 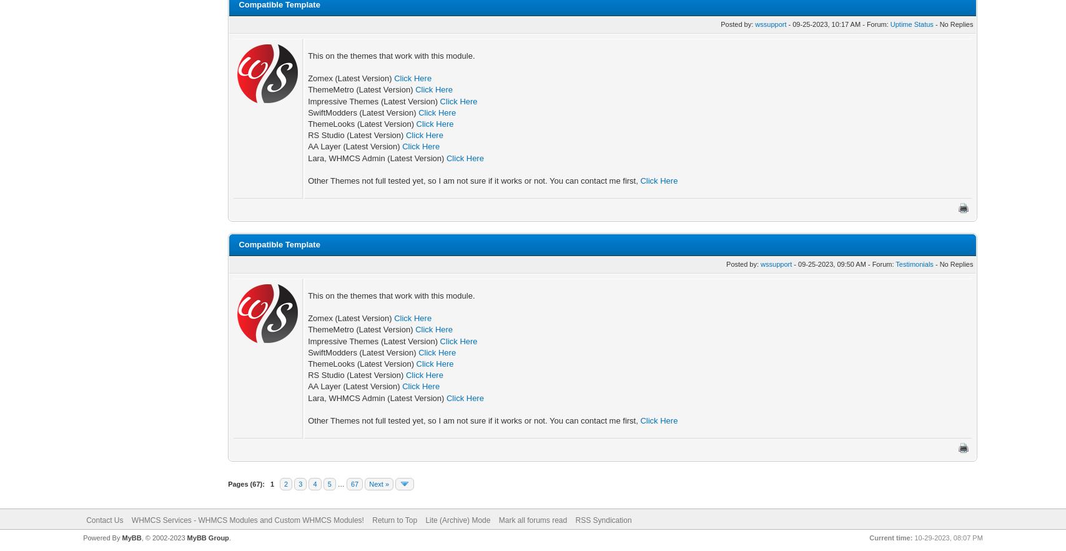 What do you see at coordinates (947, 537) in the screenshot?
I see `'10-29-2023, 08:07 PM'` at bounding box center [947, 537].